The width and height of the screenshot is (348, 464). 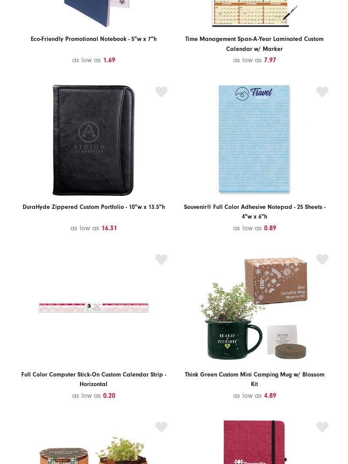 What do you see at coordinates (93, 206) in the screenshot?
I see `'DuraHyde Zippered Custom Portfolio - 10"w x 13.5"h'` at bounding box center [93, 206].